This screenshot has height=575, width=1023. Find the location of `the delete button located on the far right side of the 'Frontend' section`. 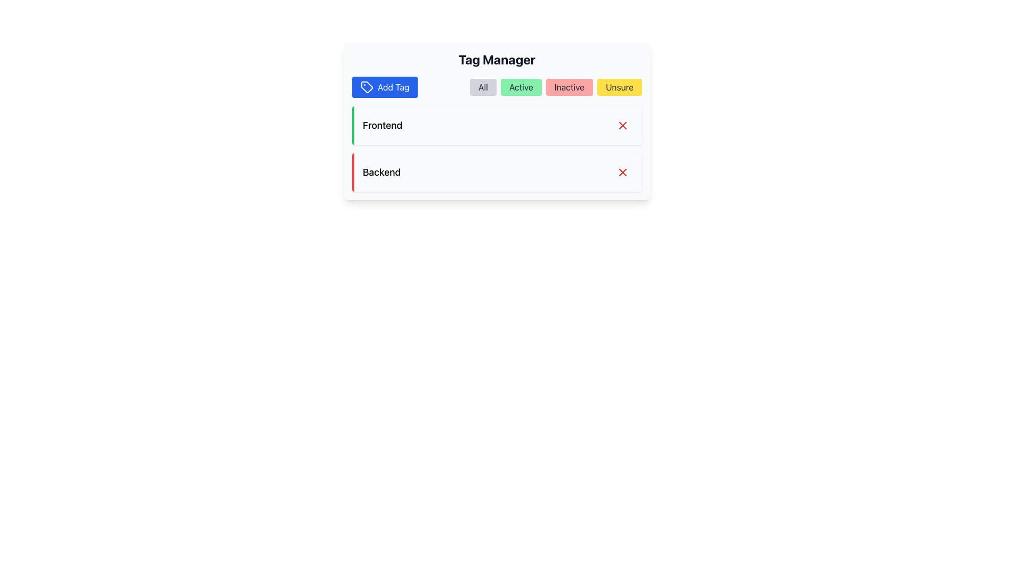

the delete button located on the far right side of the 'Frontend' section is located at coordinates (623, 125).